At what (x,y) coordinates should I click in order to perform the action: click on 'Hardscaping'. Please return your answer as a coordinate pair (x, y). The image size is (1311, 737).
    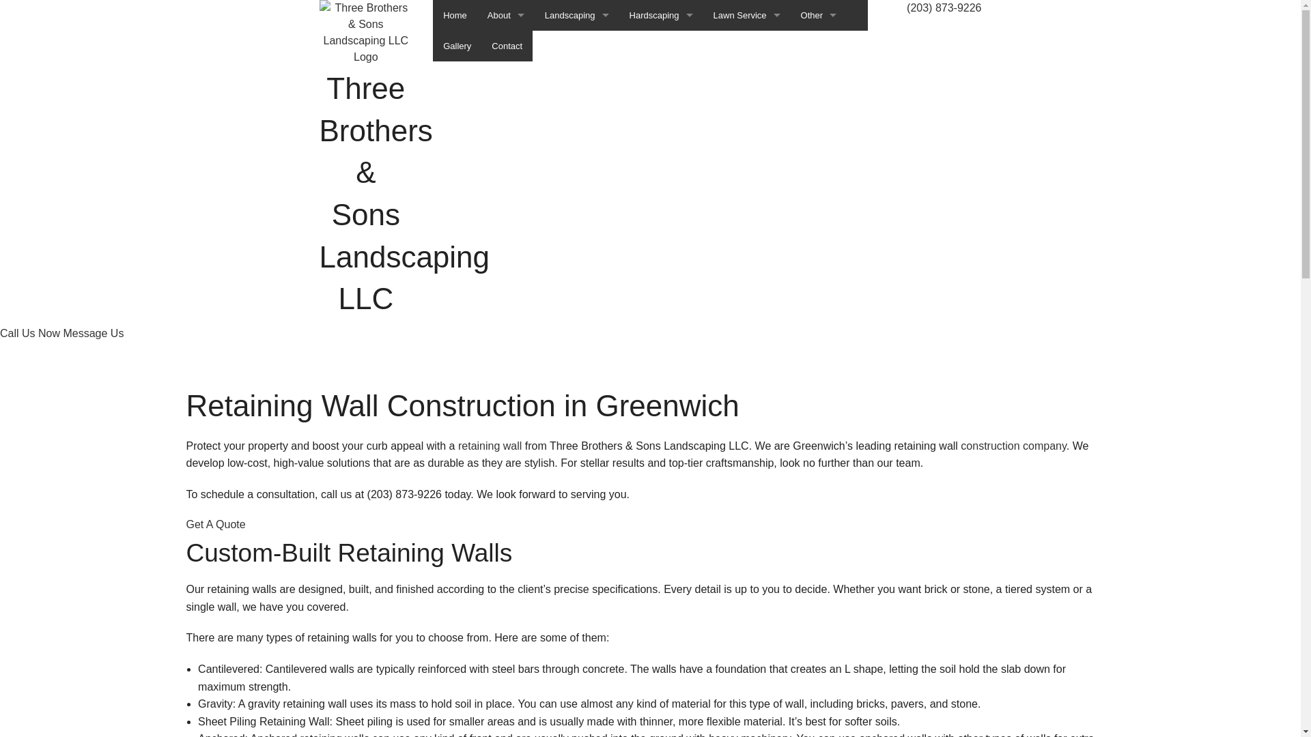
    Looking at the image, I should click on (661, 15).